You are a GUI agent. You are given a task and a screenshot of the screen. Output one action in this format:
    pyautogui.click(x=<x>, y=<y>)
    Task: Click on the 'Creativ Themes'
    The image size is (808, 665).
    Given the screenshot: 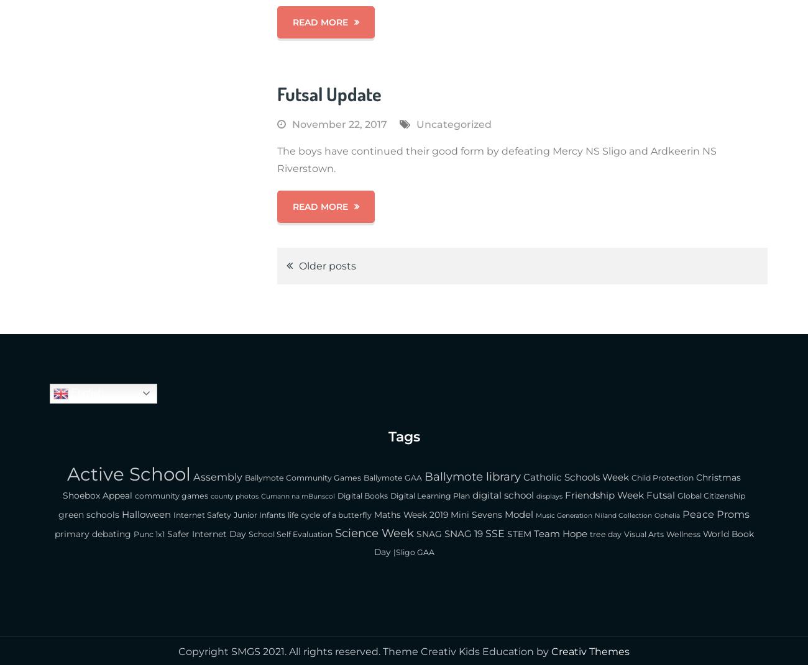 What is the action you would take?
    pyautogui.click(x=590, y=651)
    